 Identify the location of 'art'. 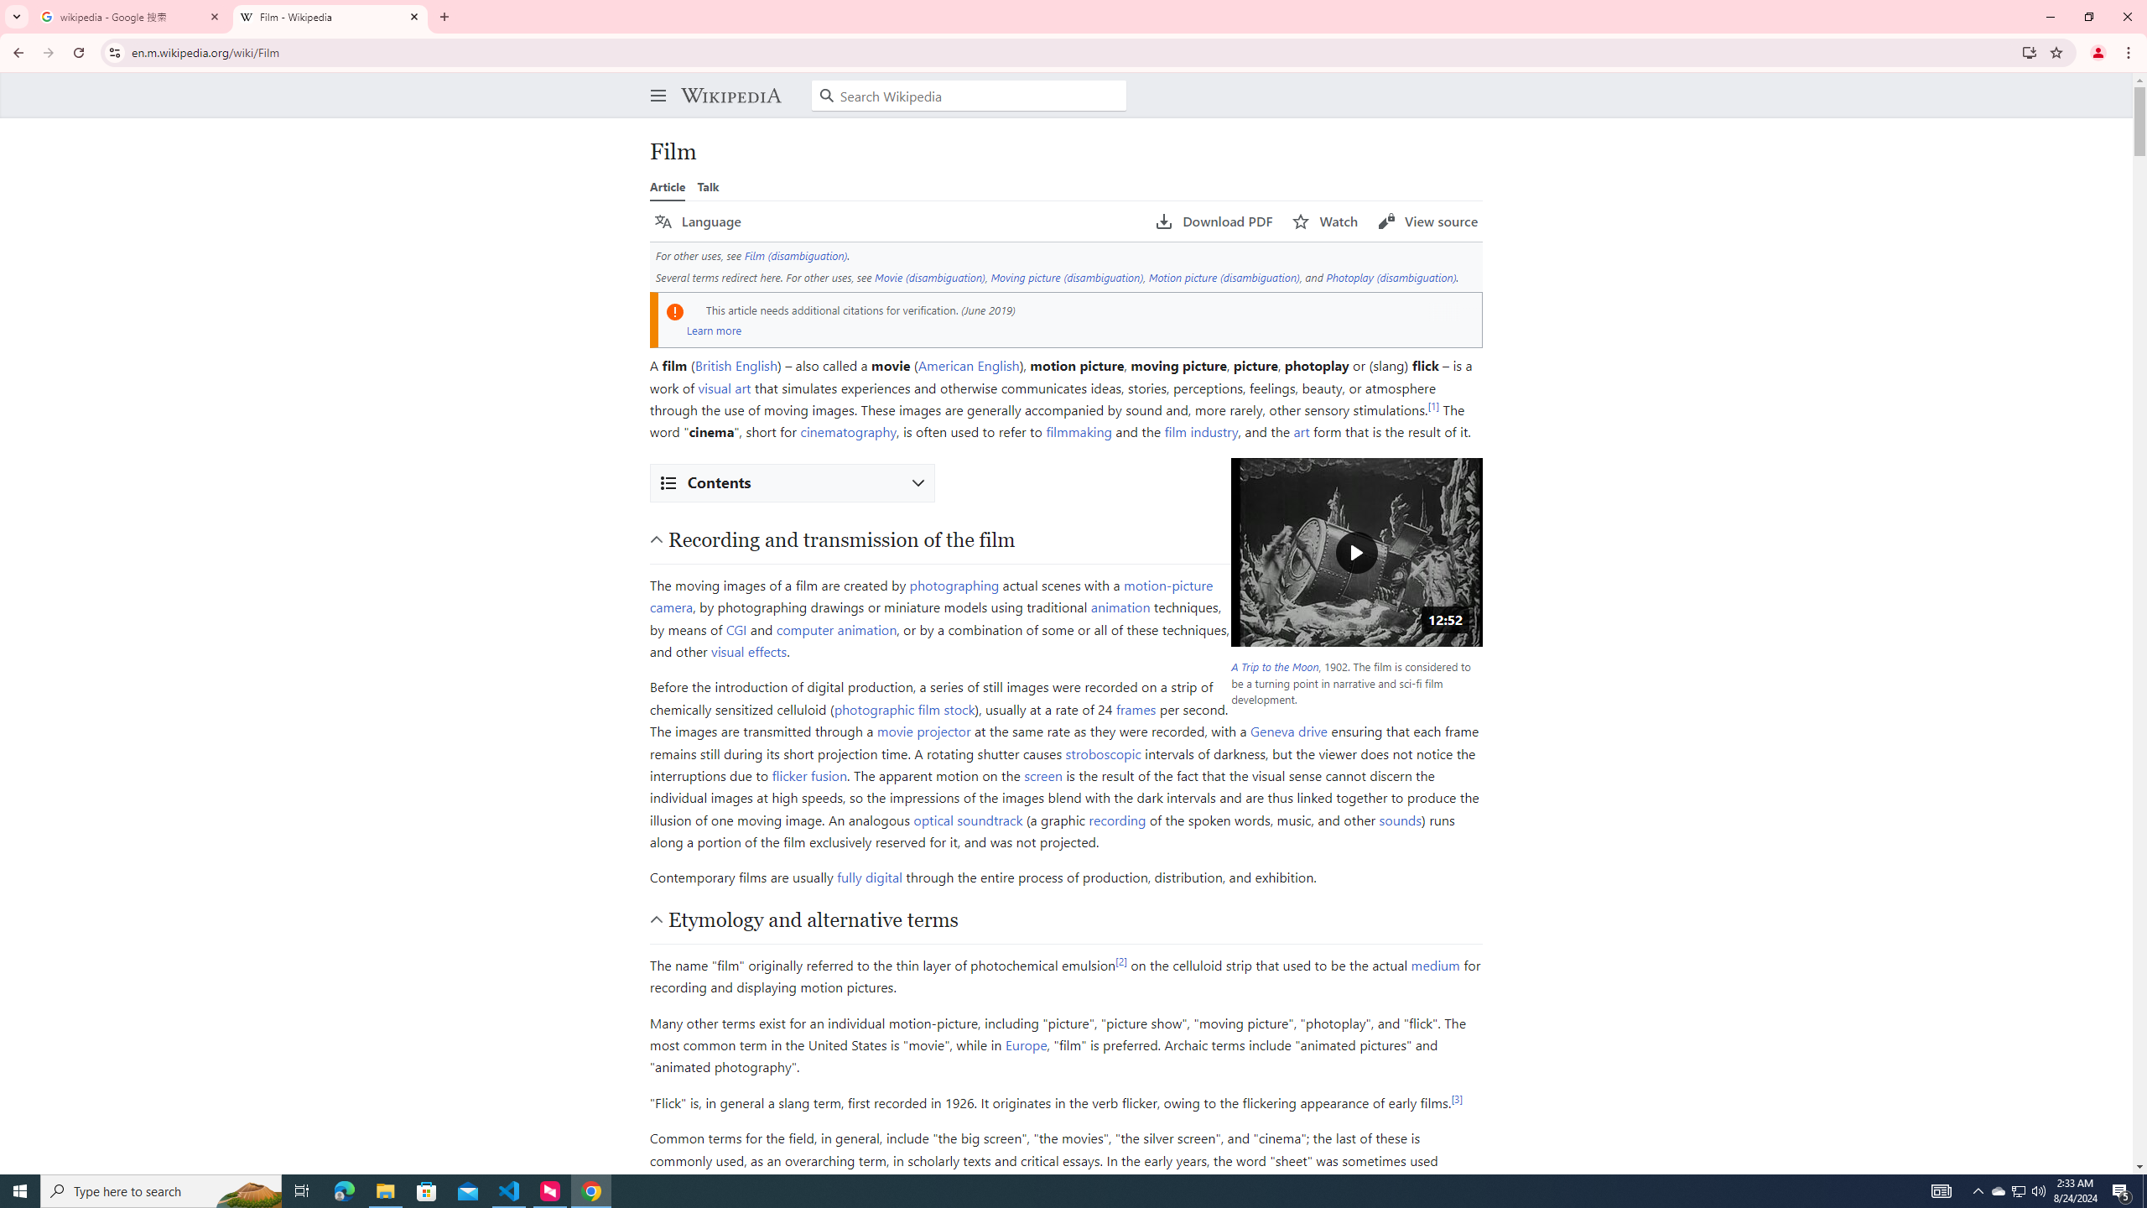
(1300, 430).